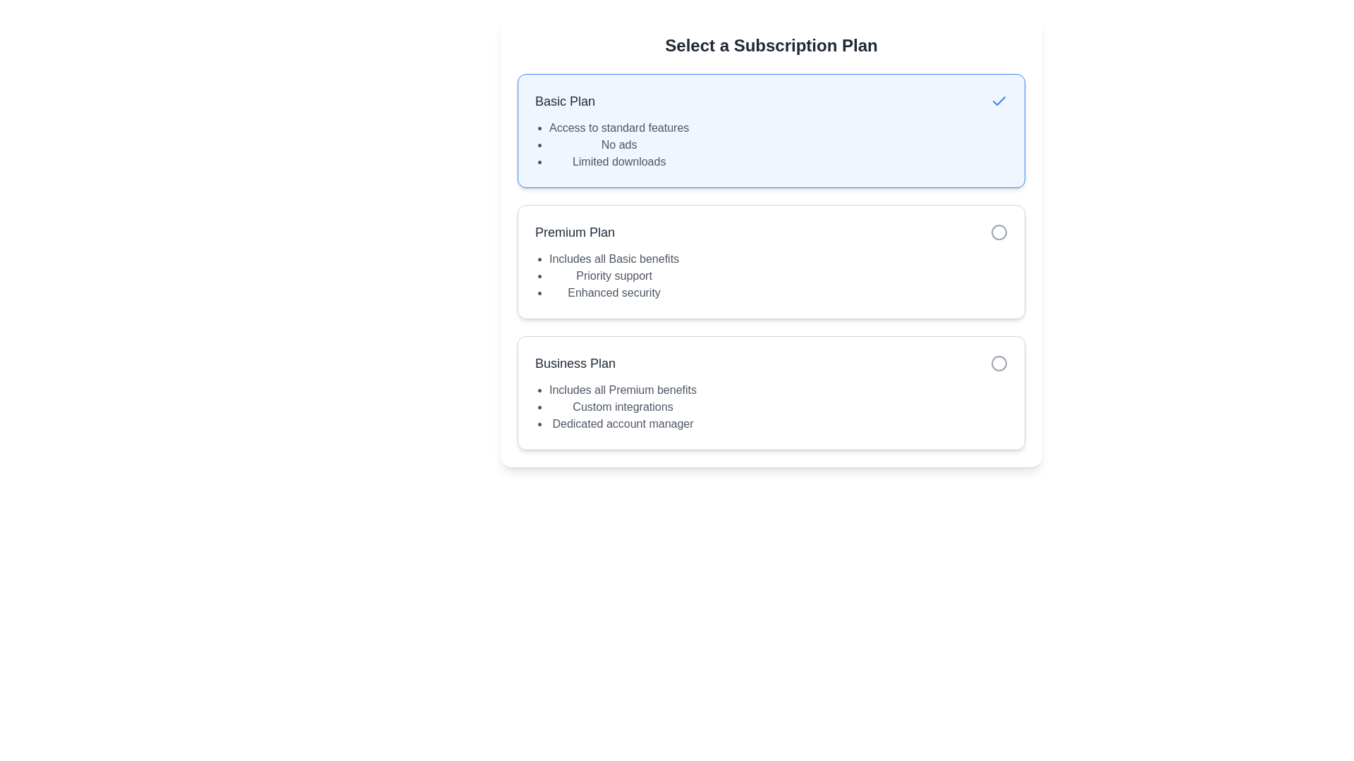 The image size is (1354, 761). What do you see at coordinates (998, 100) in the screenshot?
I see `the active status icon indicating the selected 'Basic Plan' option located in the top right corner of the 'Basic Plan' card header` at bounding box center [998, 100].